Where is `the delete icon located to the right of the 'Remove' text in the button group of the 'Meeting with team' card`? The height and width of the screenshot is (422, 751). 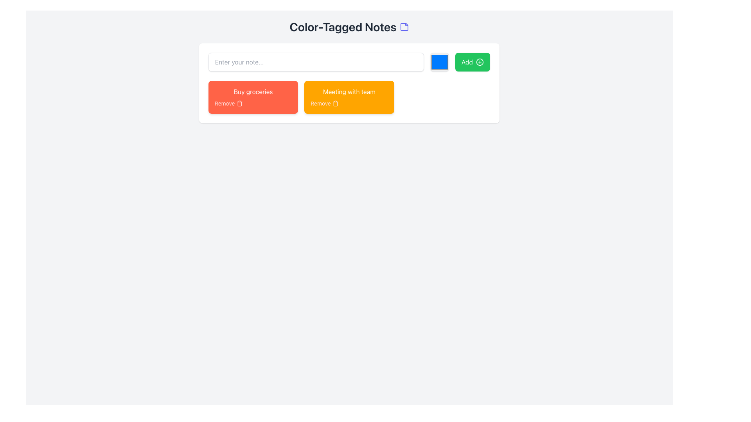
the delete icon located to the right of the 'Remove' text in the button group of the 'Meeting with team' card is located at coordinates (335, 103).